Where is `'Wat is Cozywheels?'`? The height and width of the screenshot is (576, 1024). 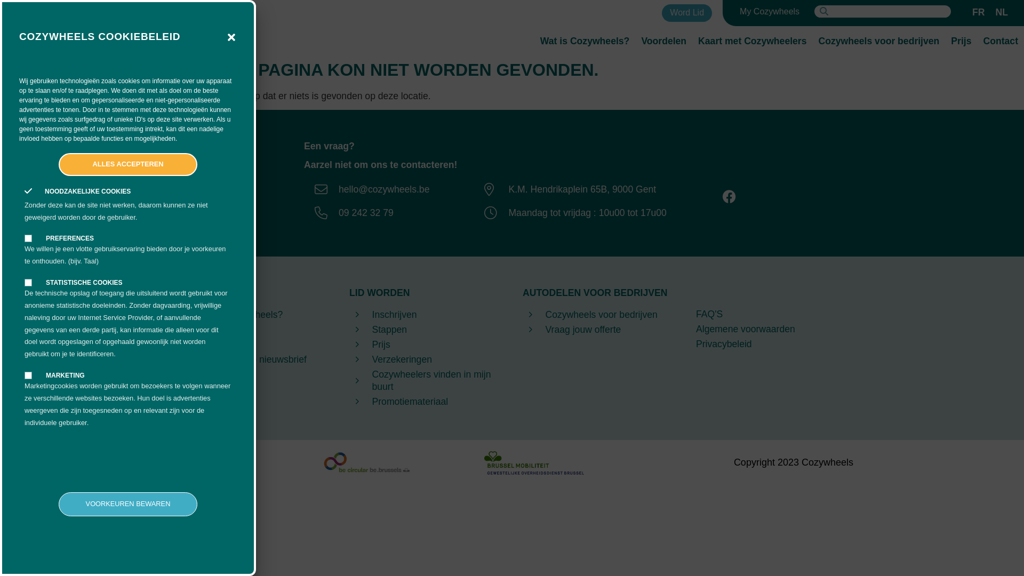
'Wat is Cozywheels?' is located at coordinates (585, 41).